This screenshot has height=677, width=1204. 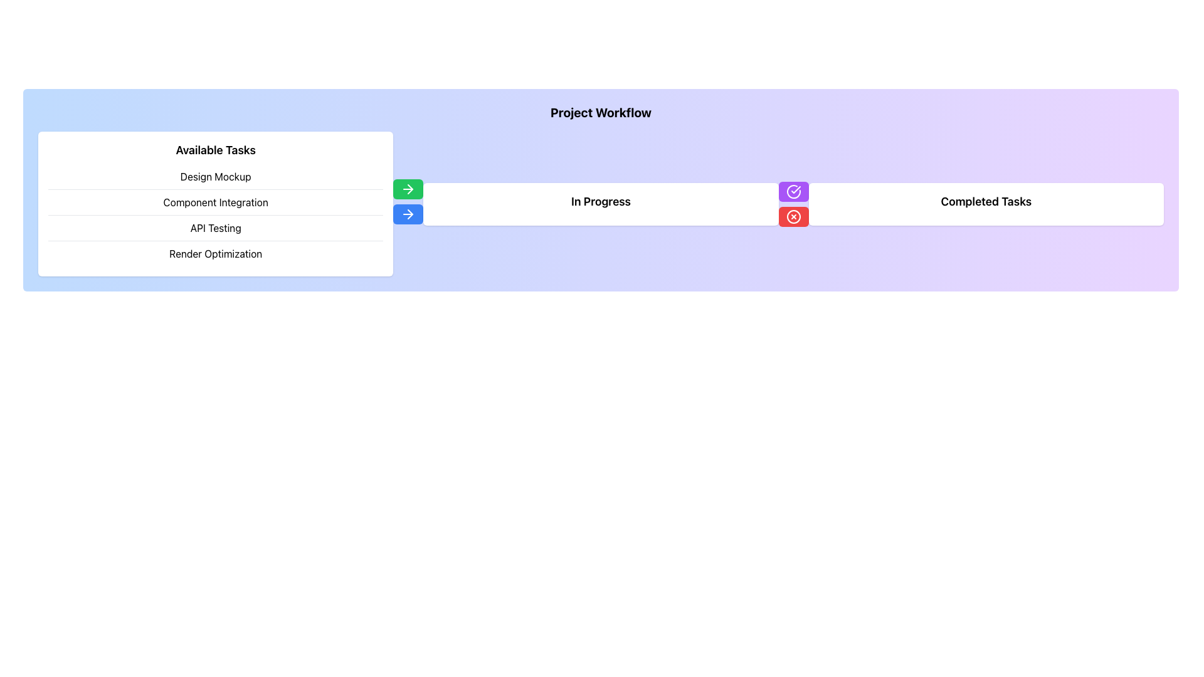 I want to click on the arrow icon within the button to transition 'API Testing' from 'Available Tasks' to 'In Progress.', so click(x=408, y=213).